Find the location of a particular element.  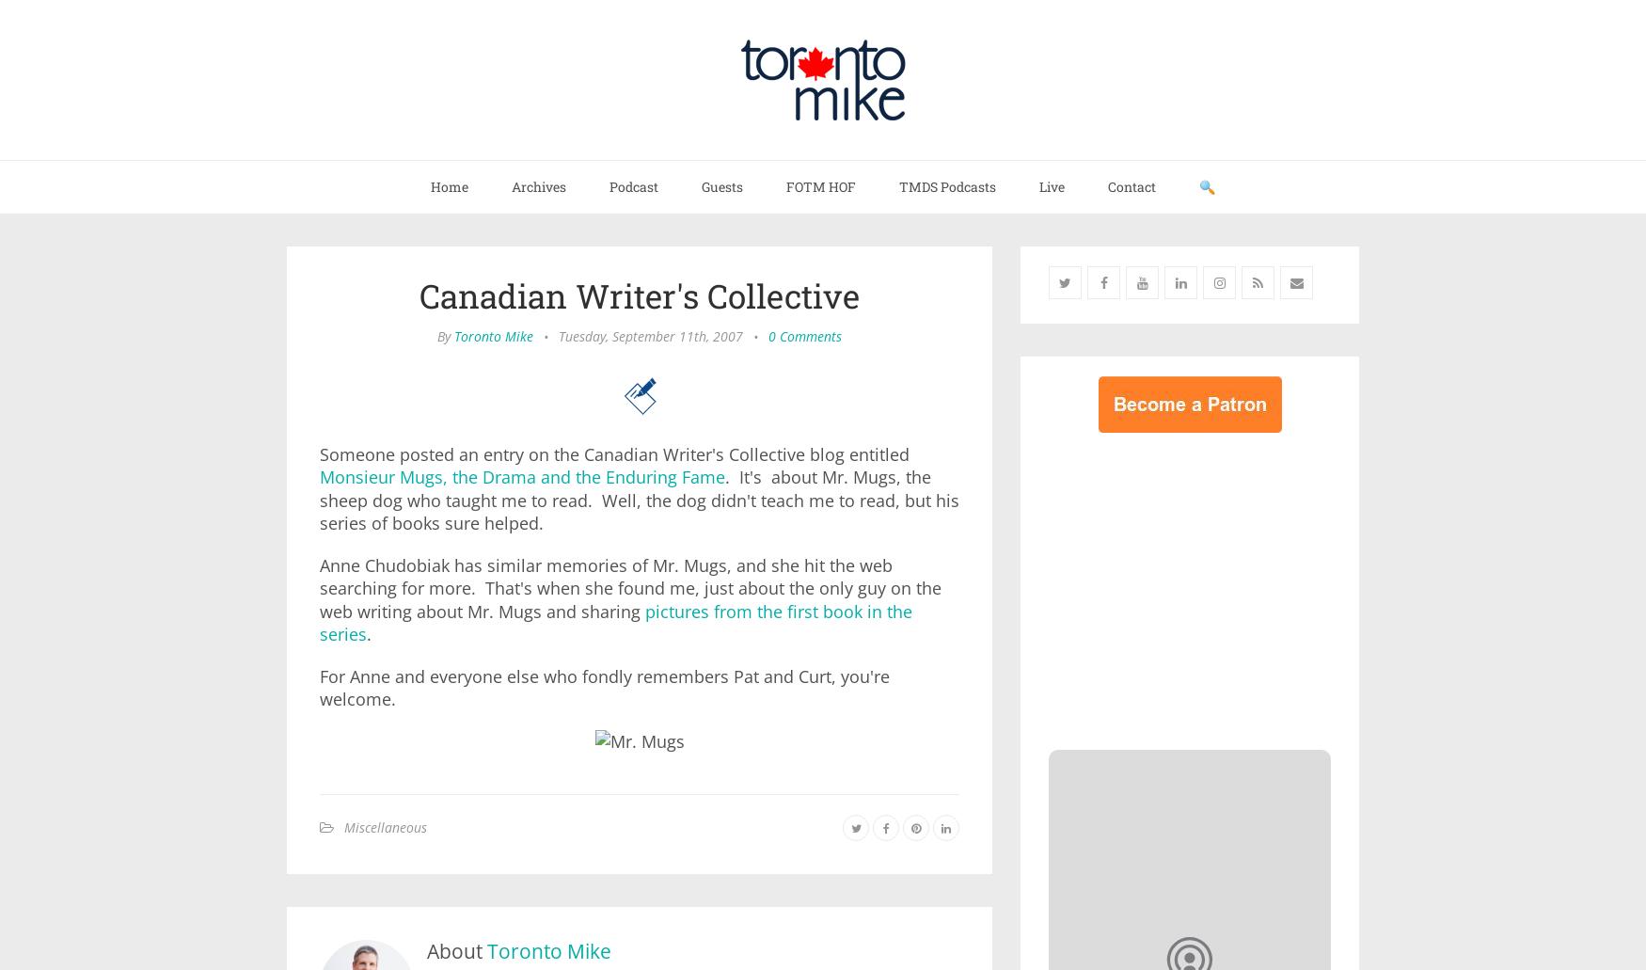

'.' is located at coordinates (366, 633).